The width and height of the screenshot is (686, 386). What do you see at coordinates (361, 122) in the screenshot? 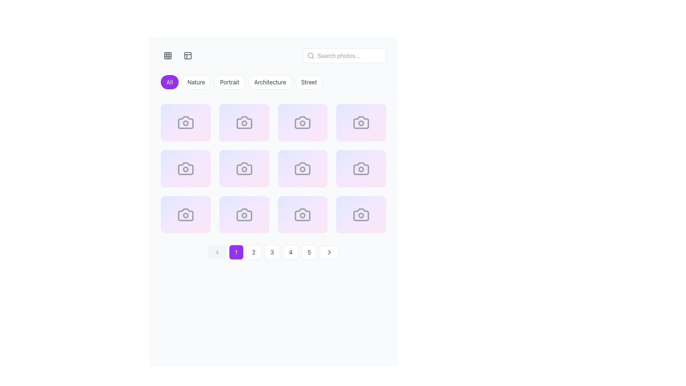
I see `the static content block with a gradient background transitioning from indigo to pink, which contains a centrally placed gray camera icon` at bounding box center [361, 122].